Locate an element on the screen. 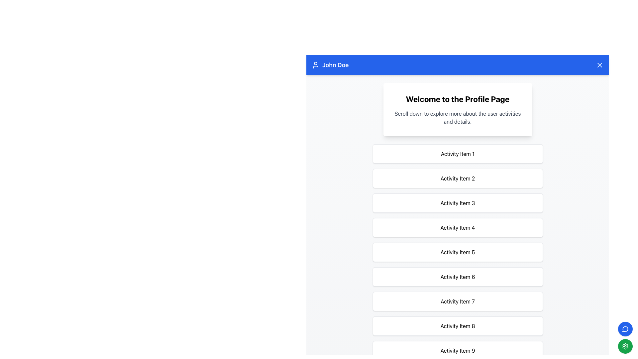 The width and height of the screenshot is (638, 359). the text display box containing the centered text 'Activity Item 6', which is the sixth item in a vertically stacked list is located at coordinates (457, 277).